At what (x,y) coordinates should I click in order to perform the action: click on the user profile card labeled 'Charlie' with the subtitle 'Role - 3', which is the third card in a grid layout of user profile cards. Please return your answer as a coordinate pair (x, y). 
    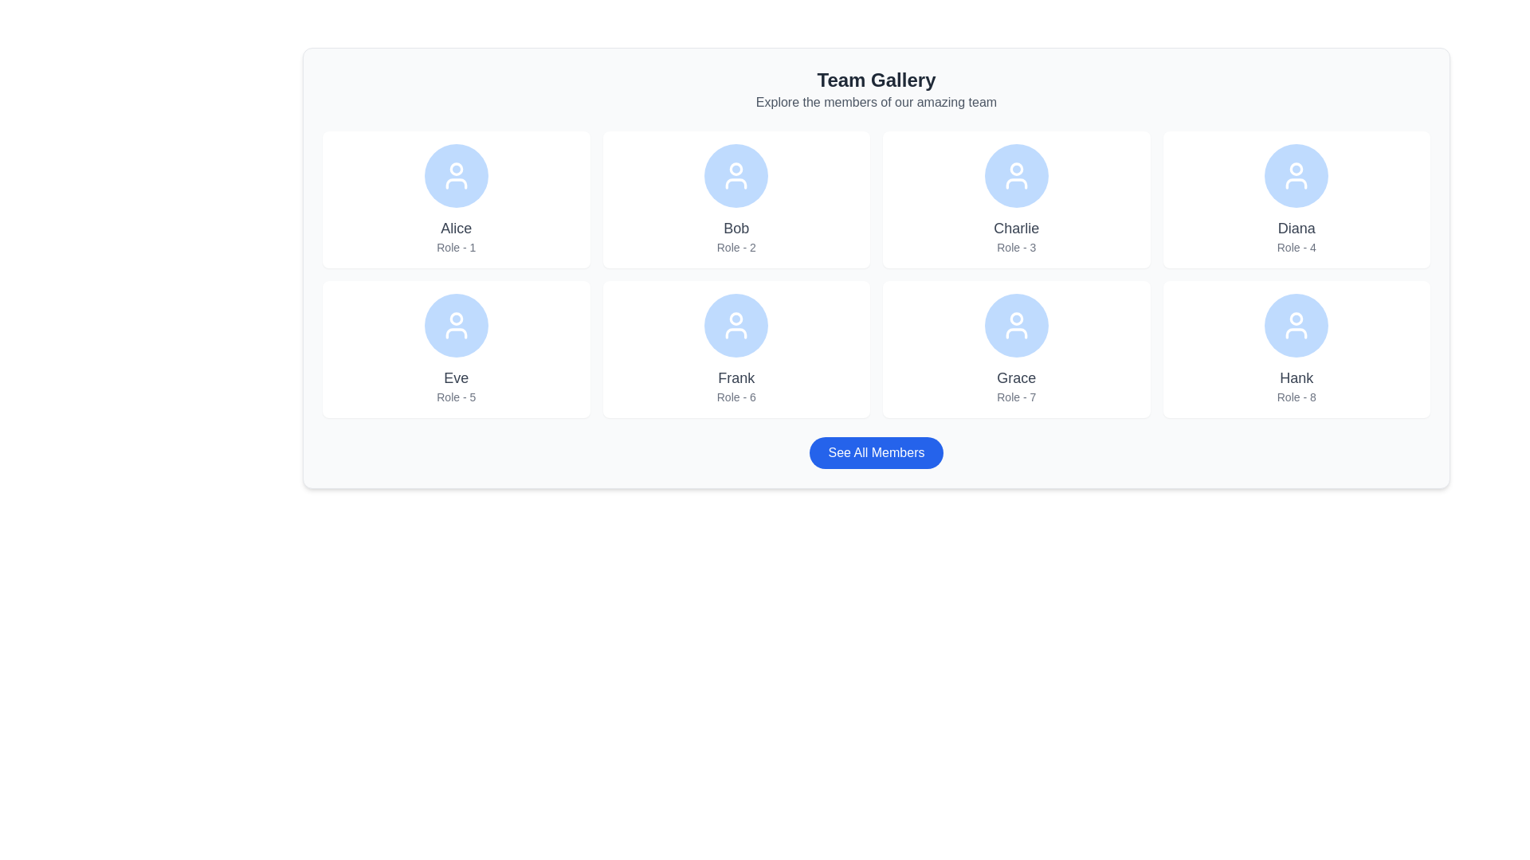
    Looking at the image, I should click on (1015, 198).